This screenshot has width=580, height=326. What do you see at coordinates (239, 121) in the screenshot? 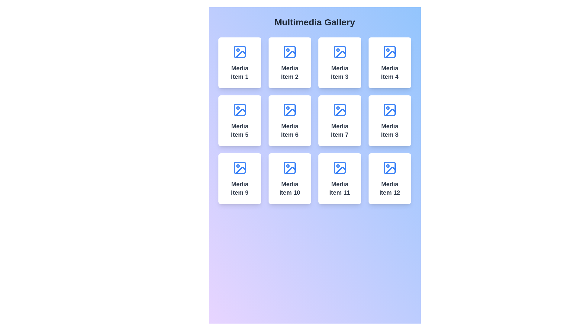
I see `the content card located in the second row and first column of the gallery` at bounding box center [239, 121].